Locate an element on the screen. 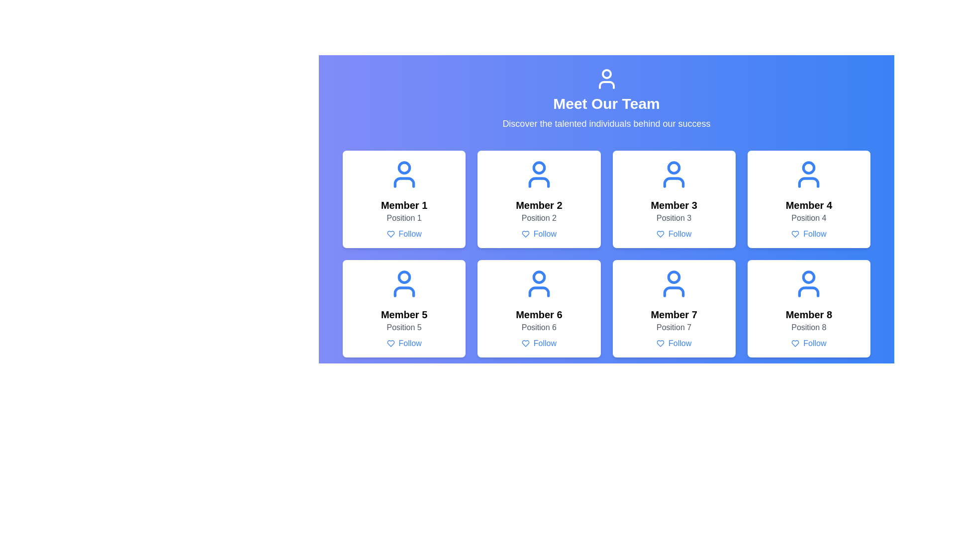 The width and height of the screenshot is (955, 537). the decorative head icon representing 'Member 8' in the user profile icon, located at the center of the upper part of the icon is located at coordinates (809, 277).